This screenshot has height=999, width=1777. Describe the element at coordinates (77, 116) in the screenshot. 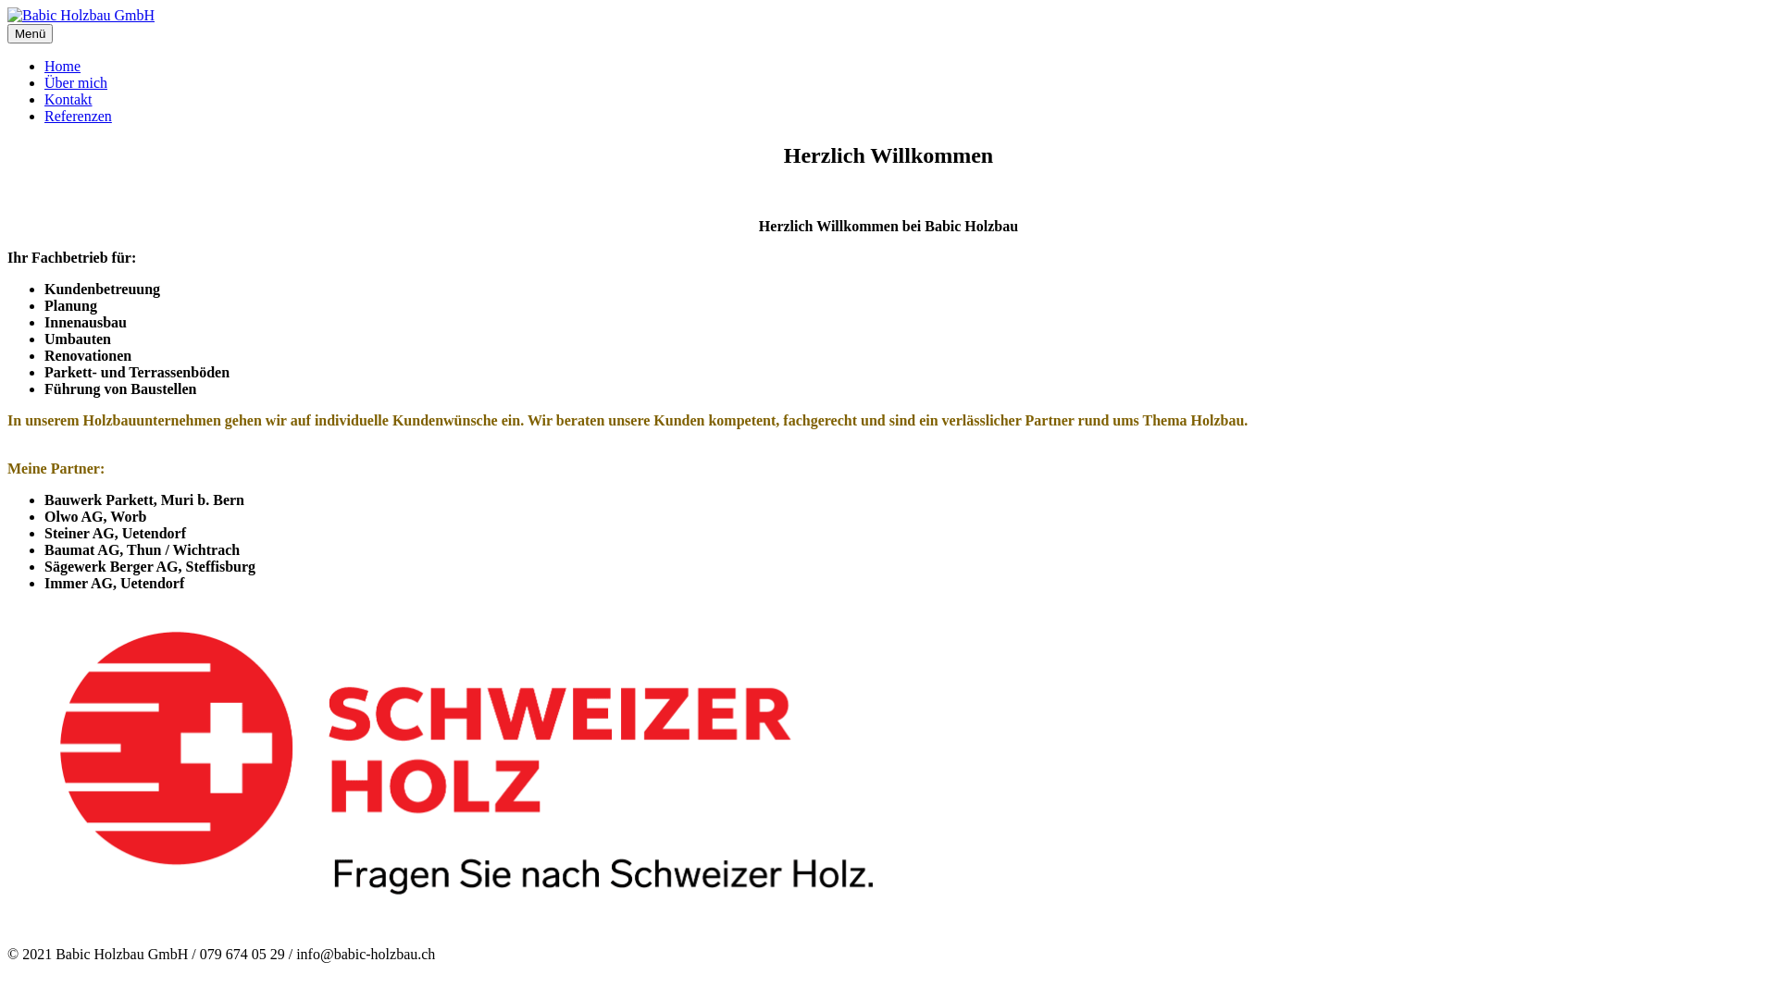

I see `'Referenzen'` at that location.